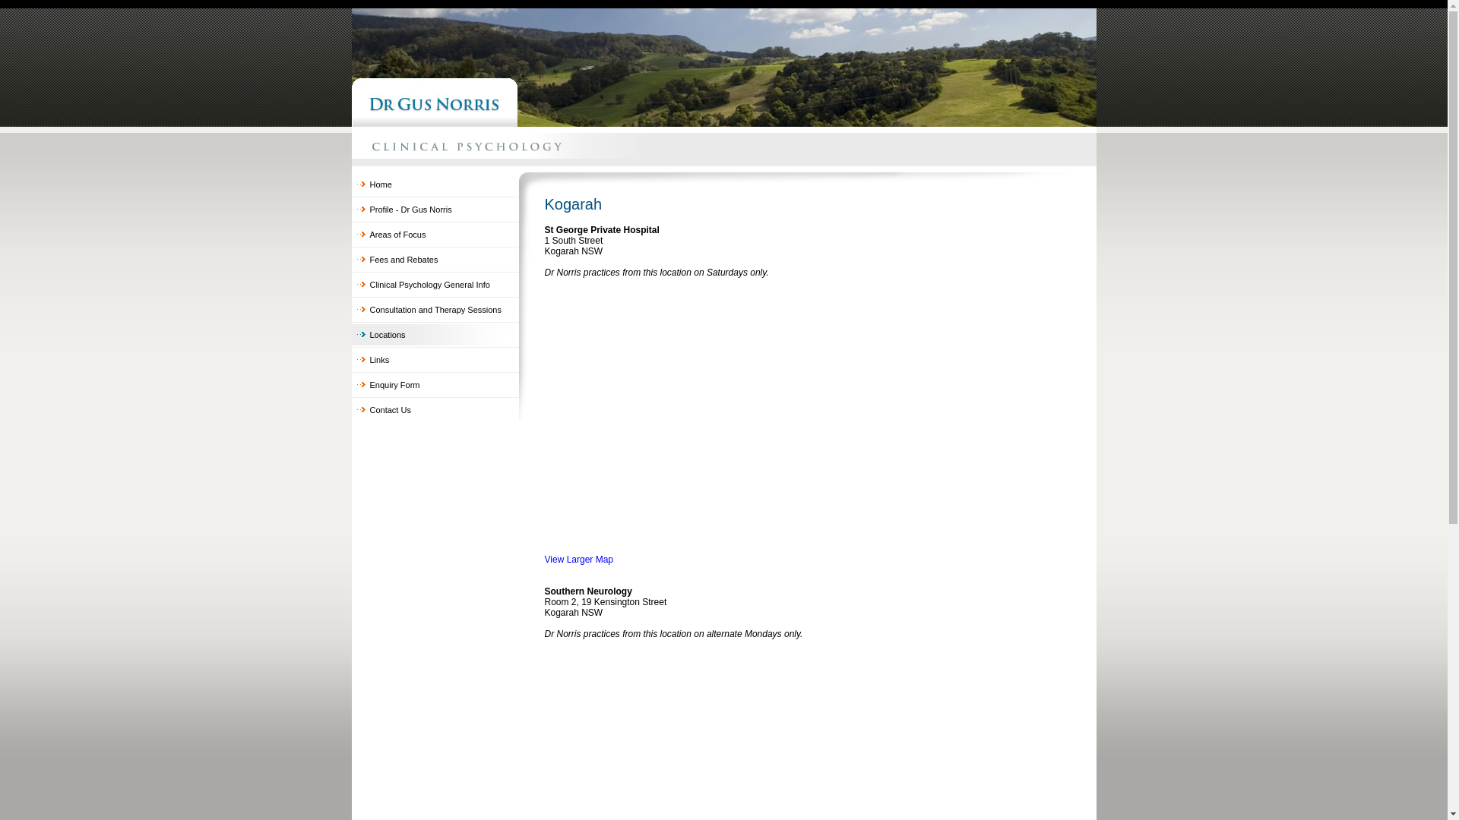 The image size is (1459, 820). I want to click on 'Home', so click(433, 184).